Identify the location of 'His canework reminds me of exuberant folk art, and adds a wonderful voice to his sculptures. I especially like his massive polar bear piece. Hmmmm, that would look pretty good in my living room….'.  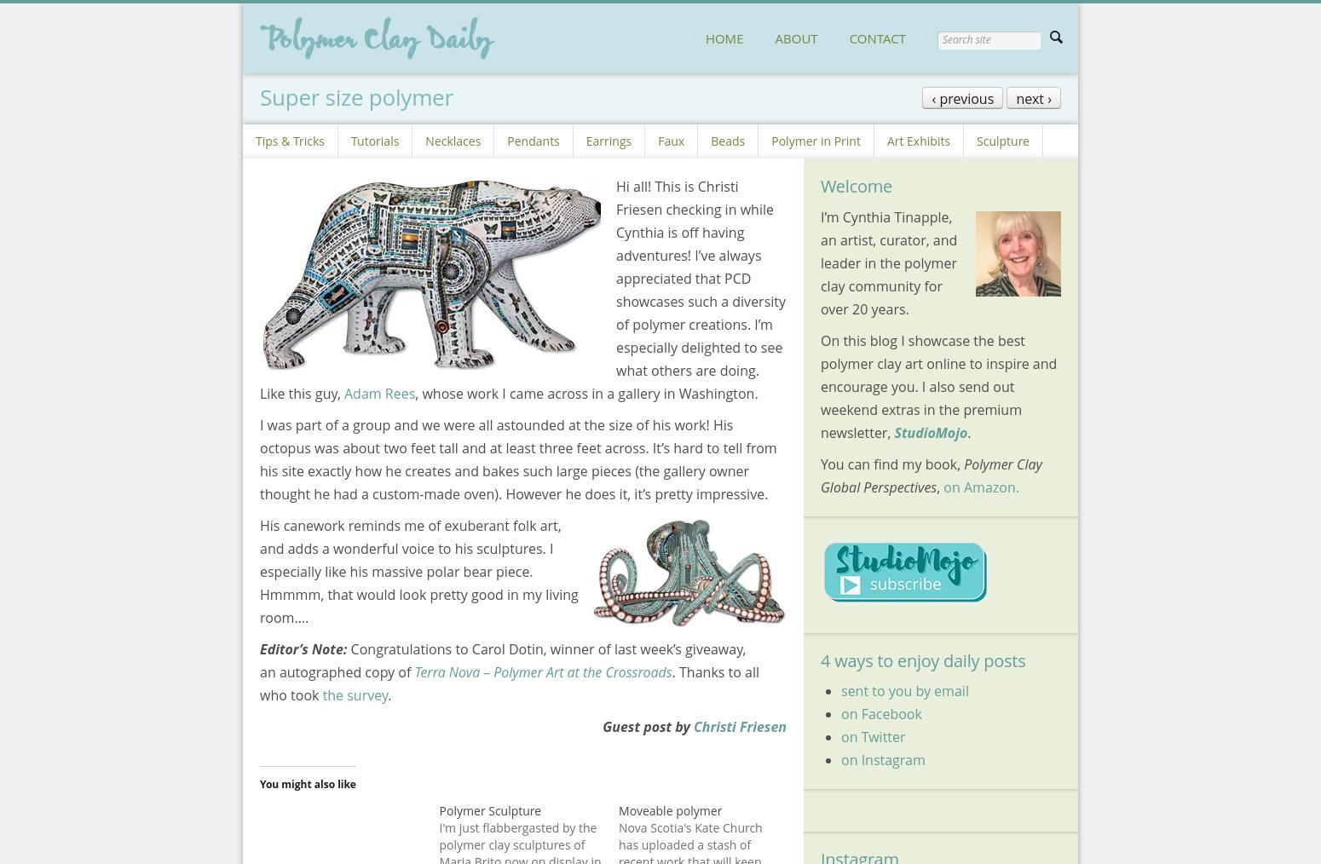
(418, 571).